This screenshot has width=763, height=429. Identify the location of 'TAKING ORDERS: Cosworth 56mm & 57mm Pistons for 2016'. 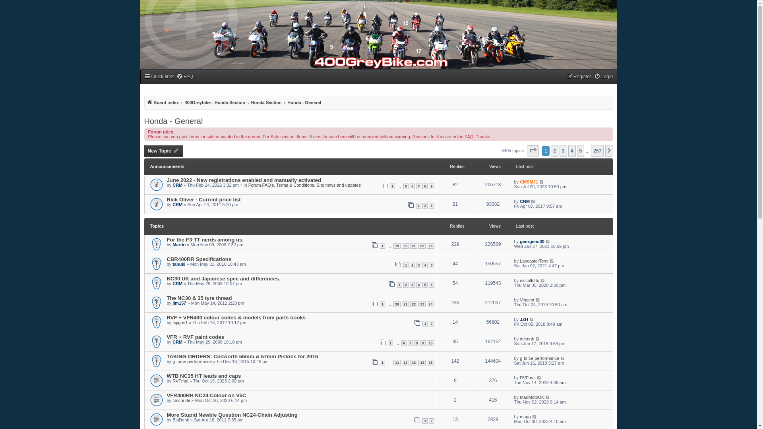
(167, 356).